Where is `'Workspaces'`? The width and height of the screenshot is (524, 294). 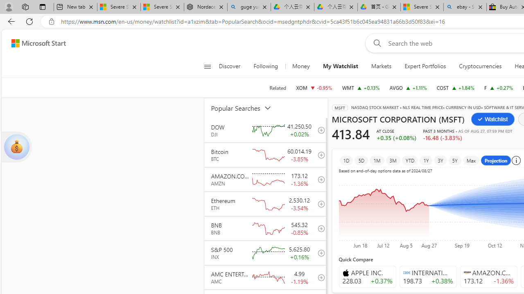 'Workspaces' is located at coordinates (25, 7).